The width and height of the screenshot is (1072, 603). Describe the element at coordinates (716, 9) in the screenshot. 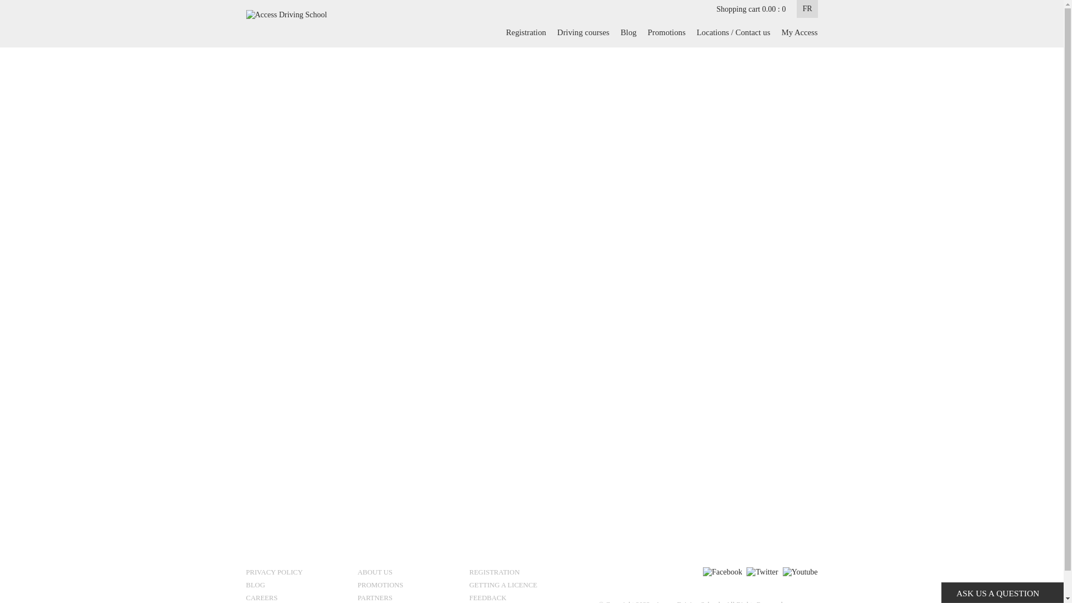

I see `'Shopping cart 0.00 : 0'` at that location.